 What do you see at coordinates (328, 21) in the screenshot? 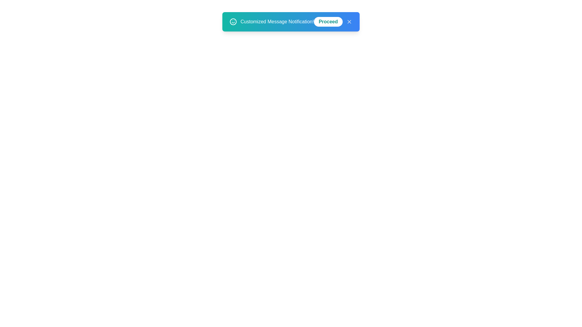
I see `the 'Proceed' button to trigger the alert action` at bounding box center [328, 21].